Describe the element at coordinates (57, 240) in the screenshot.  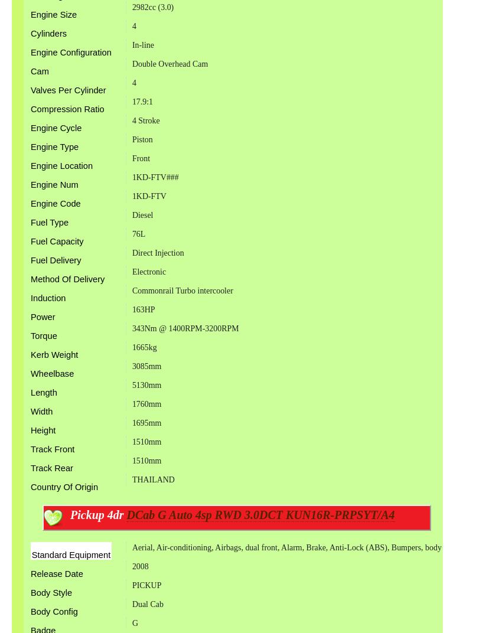
I see `'Fuel Capacity'` at that location.